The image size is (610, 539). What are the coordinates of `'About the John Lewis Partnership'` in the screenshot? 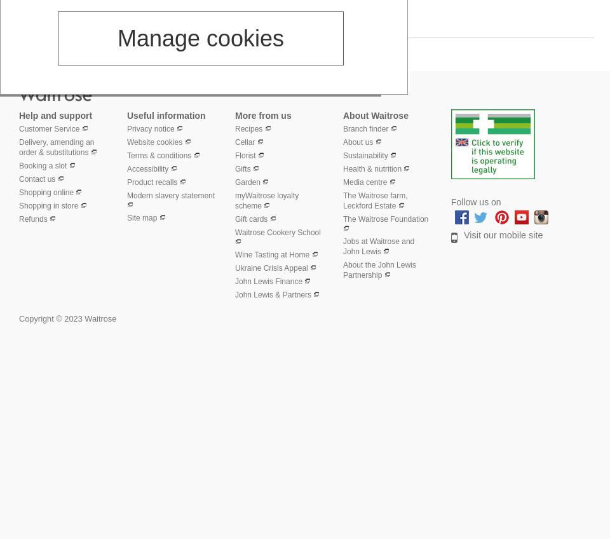 It's located at (379, 269).